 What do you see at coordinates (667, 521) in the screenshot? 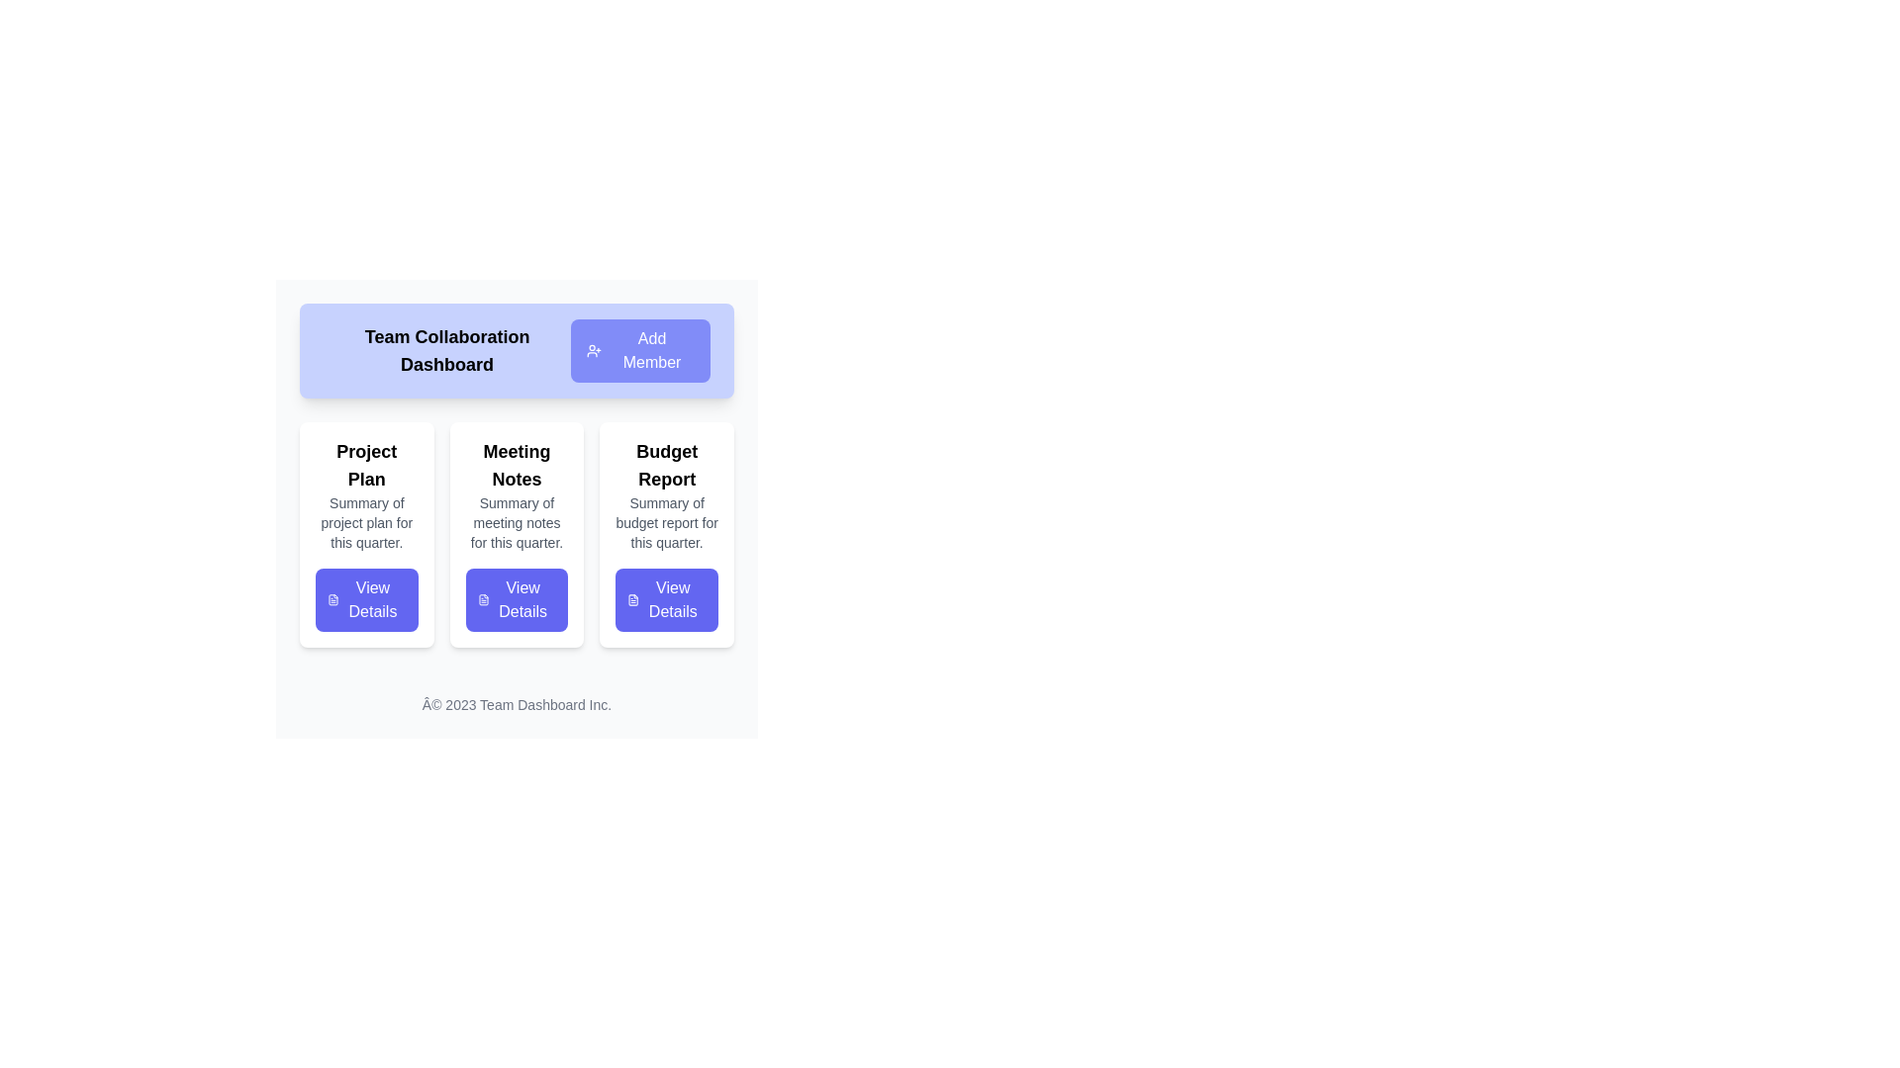
I see `the text label displaying 'Summary of budget report for this quarter.' which is styled with a smaller, gray-colored font and located beneath the 'Budget Report' header` at bounding box center [667, 521].